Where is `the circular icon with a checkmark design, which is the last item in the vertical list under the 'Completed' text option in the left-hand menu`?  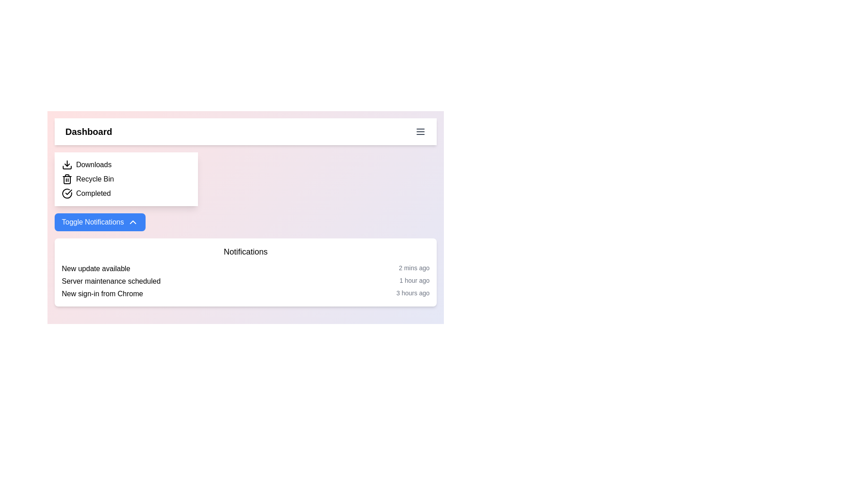 the circular icon with a checkmark design, which is the last item in the vertical list under the 'Completed' text option in the left-hand menu is located at coordinates (66, 193).